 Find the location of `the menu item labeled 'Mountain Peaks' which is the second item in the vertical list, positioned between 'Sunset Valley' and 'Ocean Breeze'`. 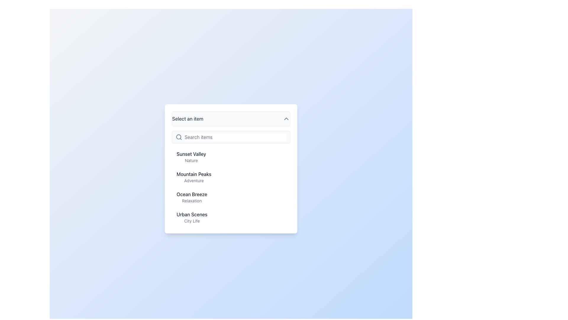

the menu item labeled 'Mountain Peaks' which is the second item in the vertical list, positioned between 'Sunset Valley' and 'Ocean Breeze' is located at coordinates (231, 177).